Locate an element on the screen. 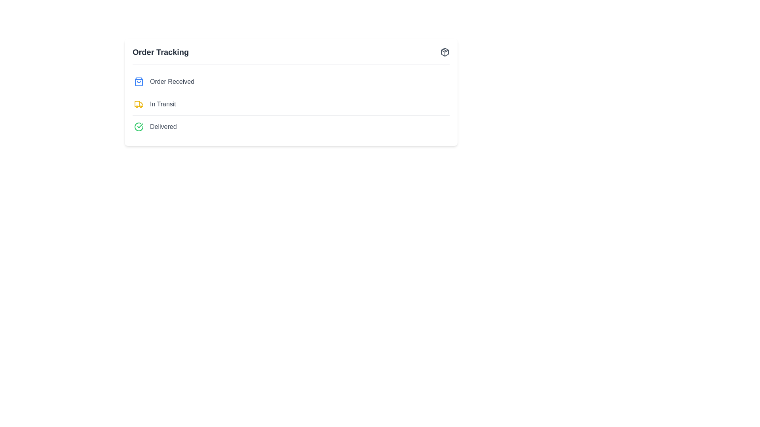 Image resolution: width=760 pixels, height=427 pixels. the text of the order status stage Order Received for copying or further actions is located at coordinates (172, 82).